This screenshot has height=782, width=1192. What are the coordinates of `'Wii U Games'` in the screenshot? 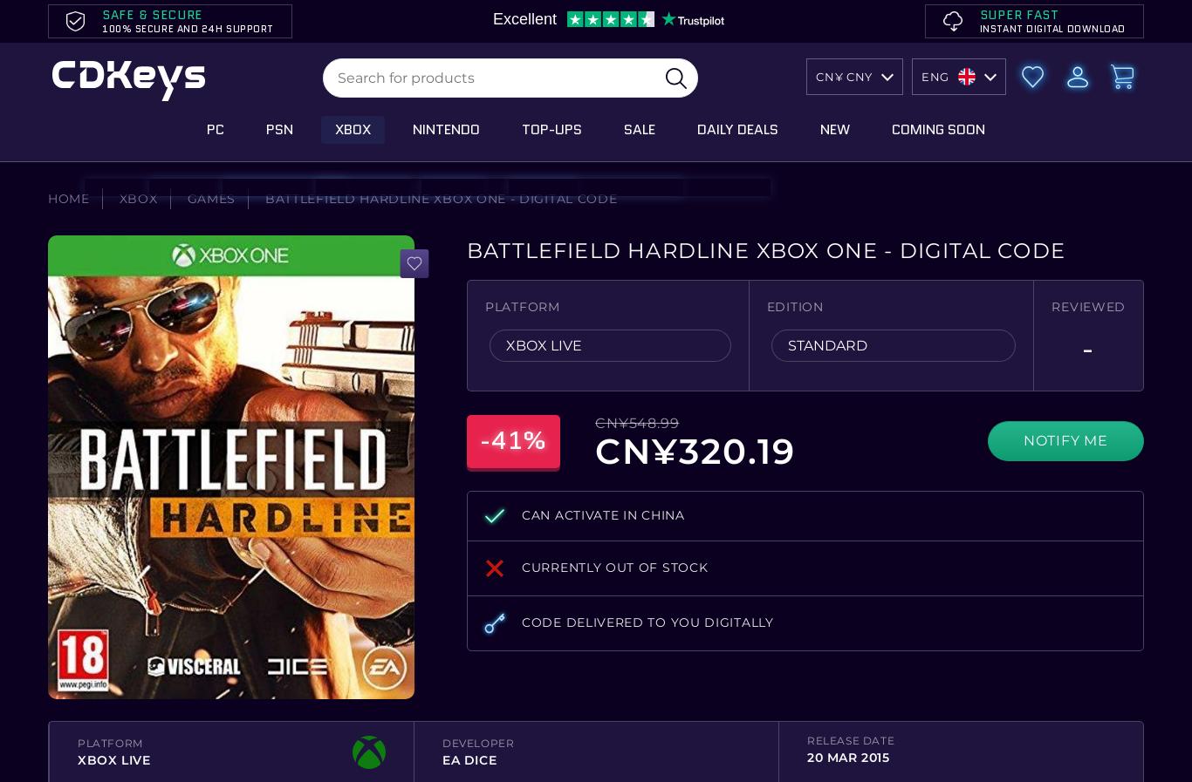 It's located at (373, 240).